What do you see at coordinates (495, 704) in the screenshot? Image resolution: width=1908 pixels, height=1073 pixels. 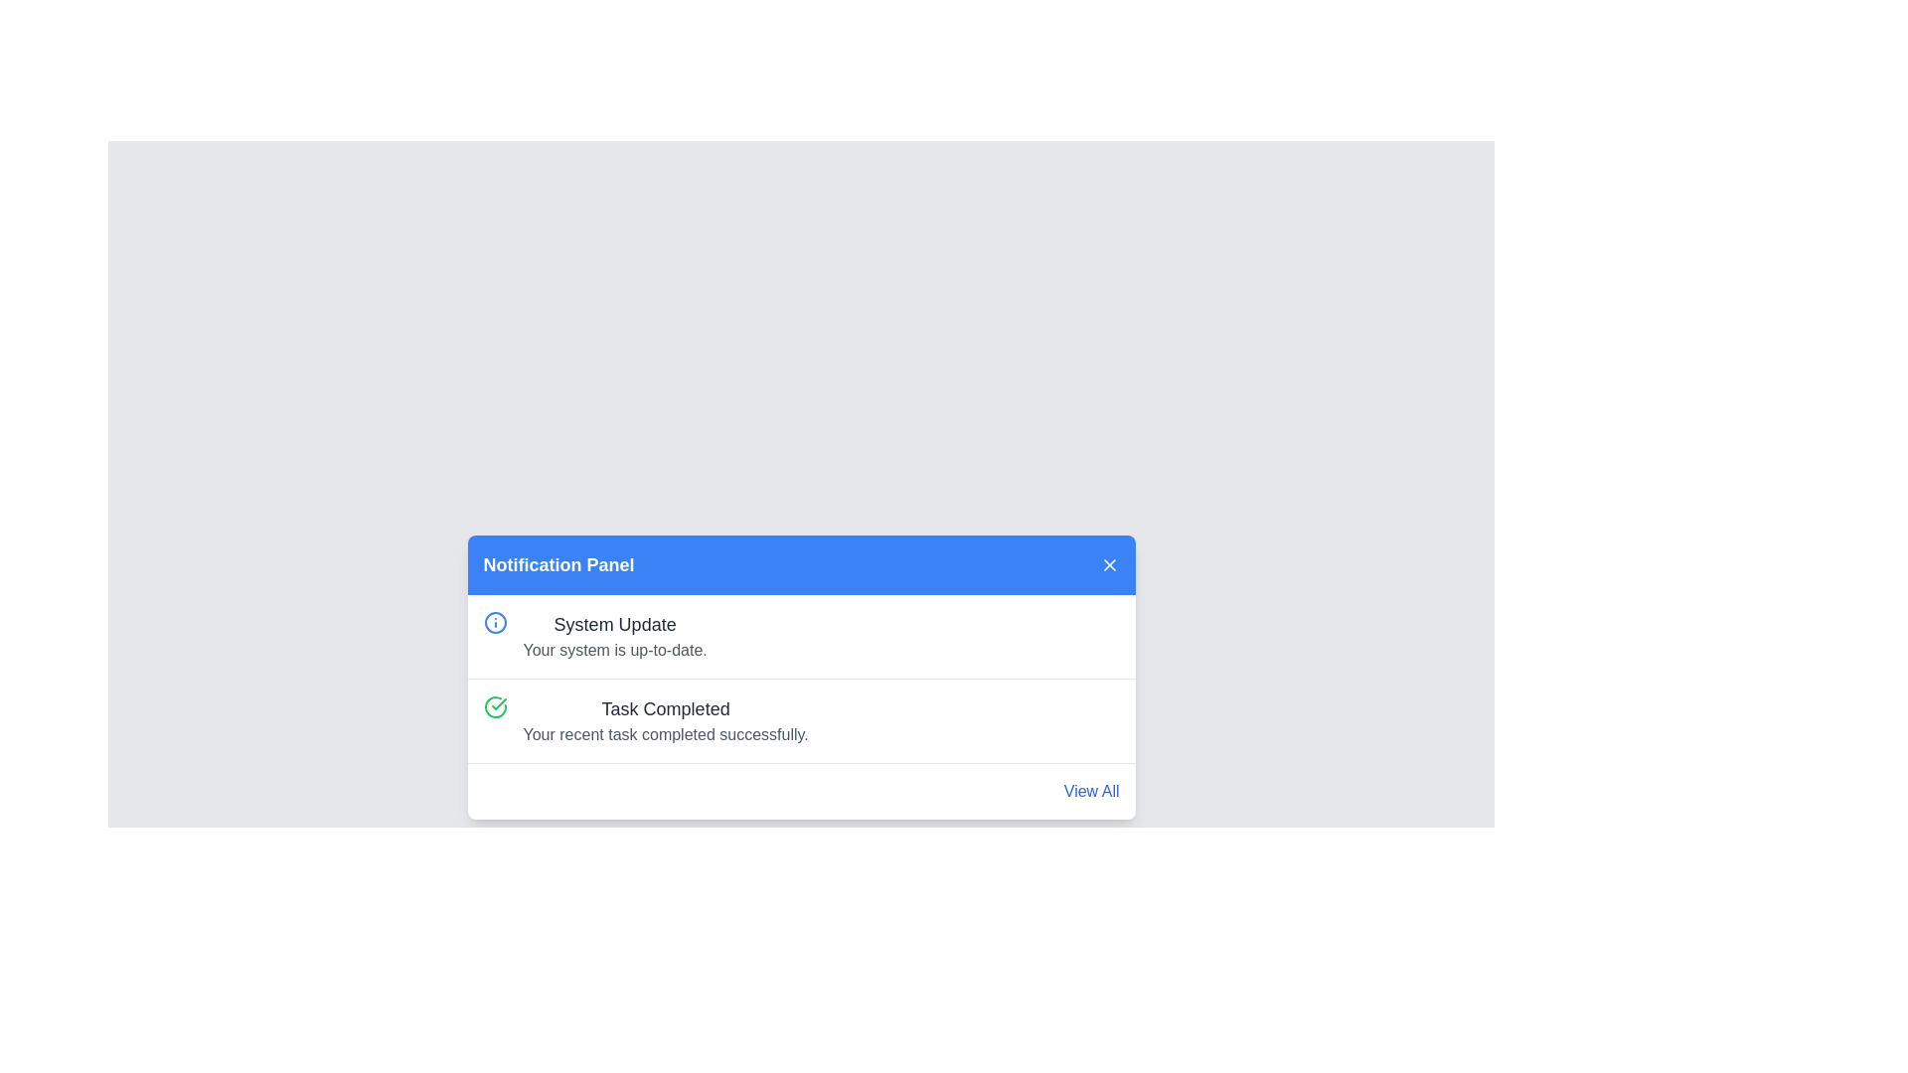 I see `the circular graphic element styled in green, which serves as a status indicator for 'Task Completed' in the Notification Panel` at bounding box center [495, 704].